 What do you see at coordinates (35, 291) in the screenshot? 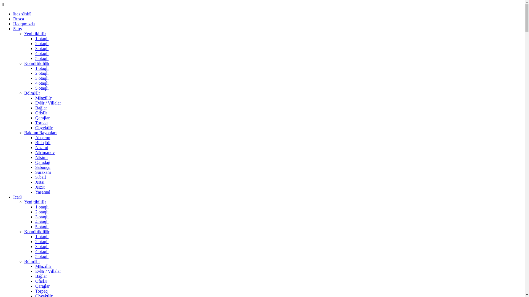
I see `'Torpaq'` at bounding box center [35, 291].